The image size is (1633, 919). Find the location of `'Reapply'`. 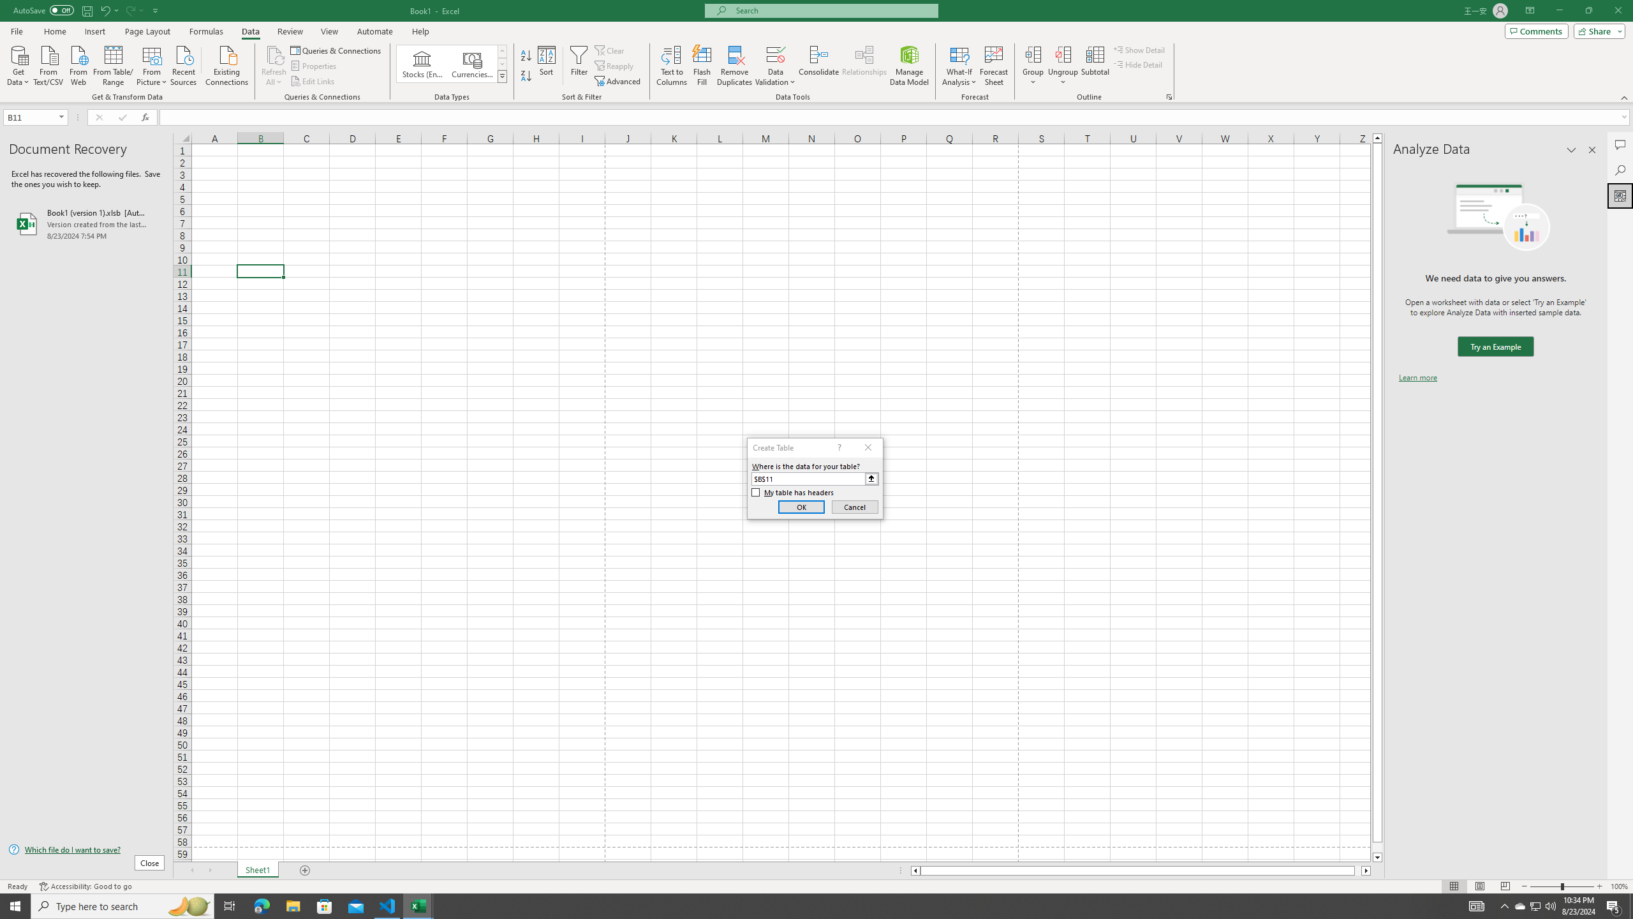

'Reapply' is located at coordinates (616, 66).